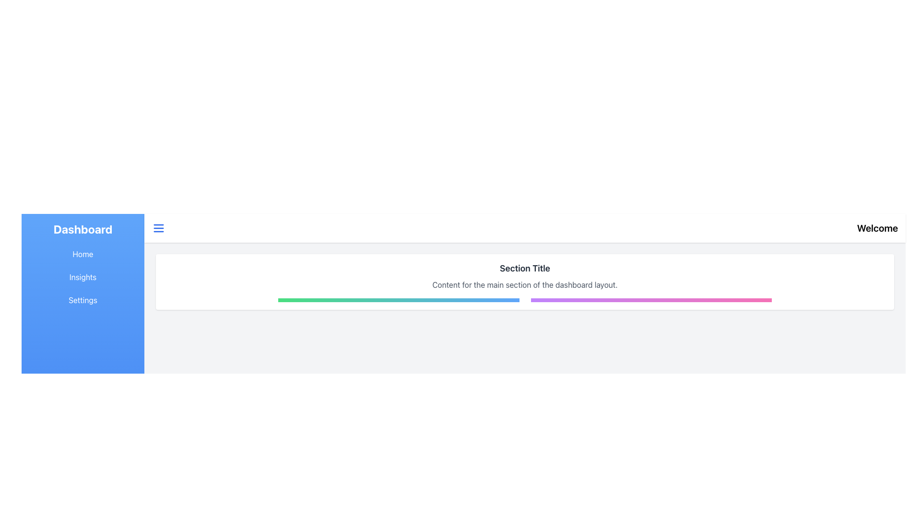 The width and height of the screenshot is (921, 518). What do you see at coordinates (877, 228) in the screenshot?
I see `the static text label or header located on the rightmost side of the top navigation bar to greet the user or identify the current context of the interface` at bounding box center [877, 228].